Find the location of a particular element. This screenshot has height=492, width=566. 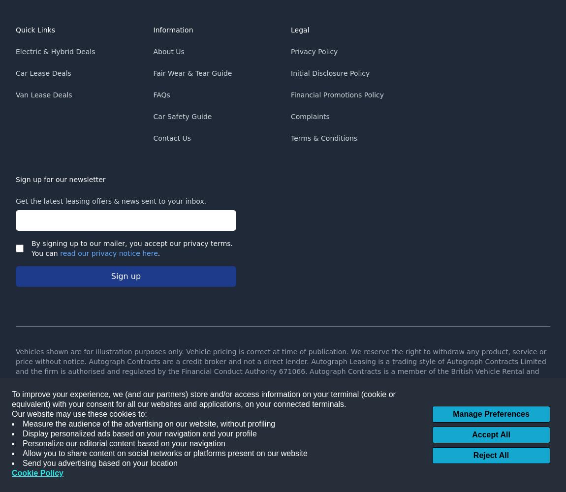

'Car Lease Deals' is located at coordinates (42, 73).